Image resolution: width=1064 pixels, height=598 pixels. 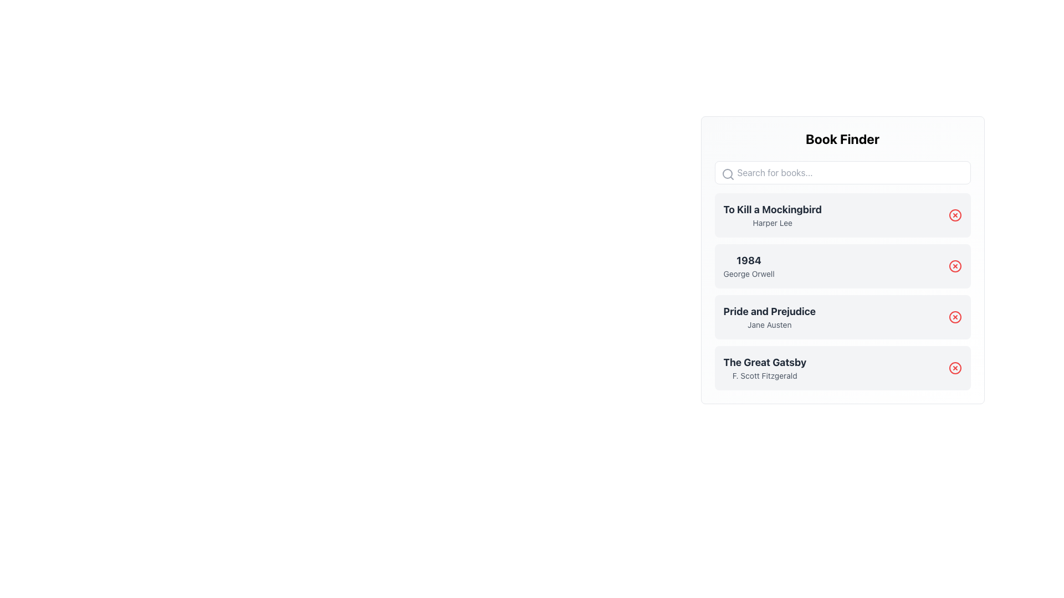 I want to click on the label displaying the author 'Jane Austen' which is positioned directly below the title 'Pride and Prejudice', so click(x=769, y=324).